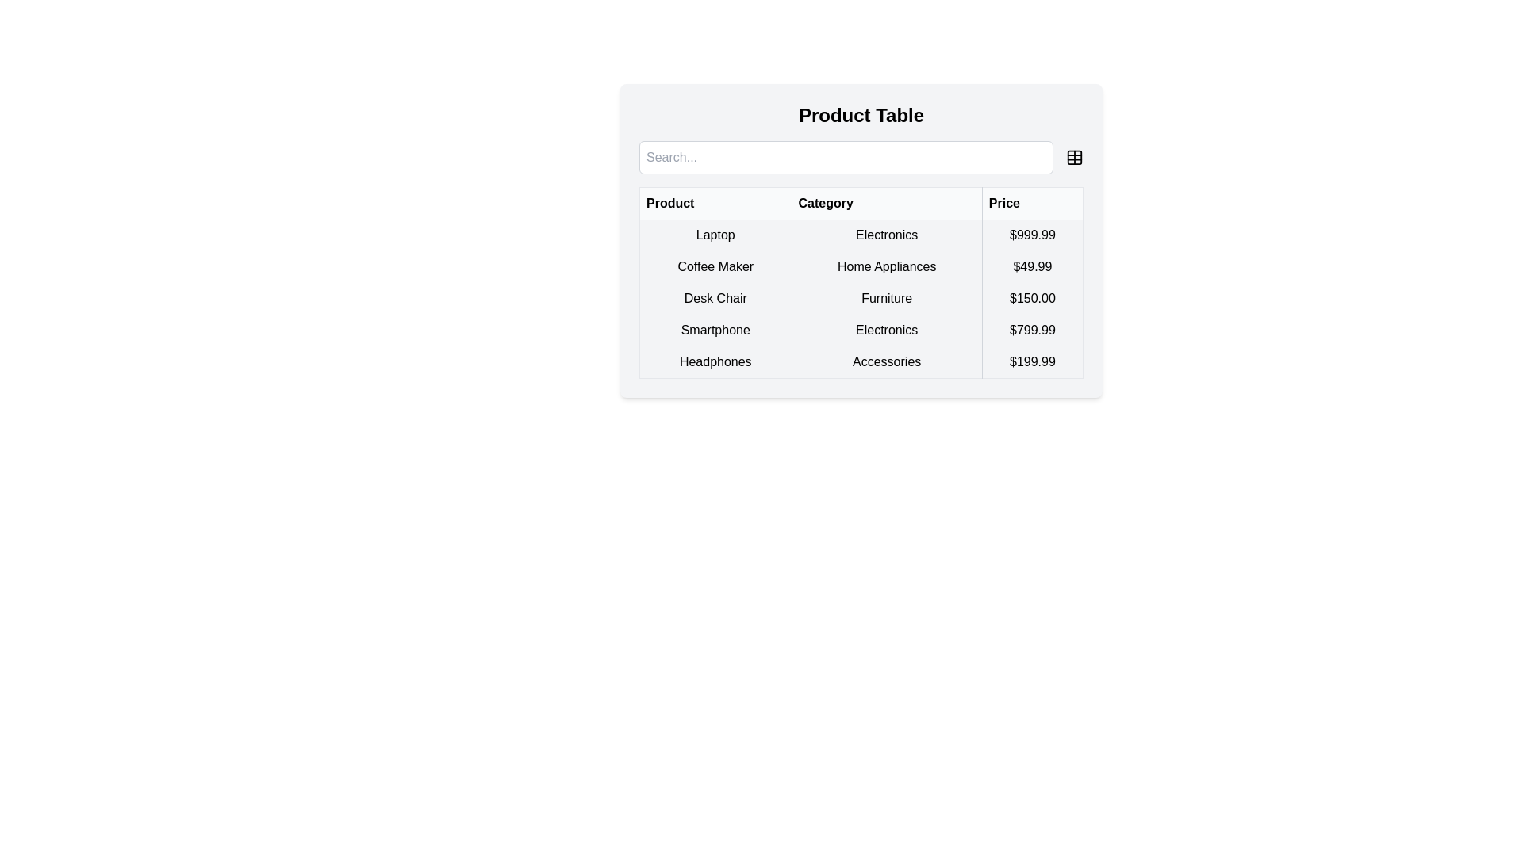 Image resolution: width=1523 pixels, height=856 pixels. Describe the element at coordinates (1032, 299) in the screenshot. I see `the Text Display element that shows the price of the 'Desk Chair' product in the last column of the table` at that location.